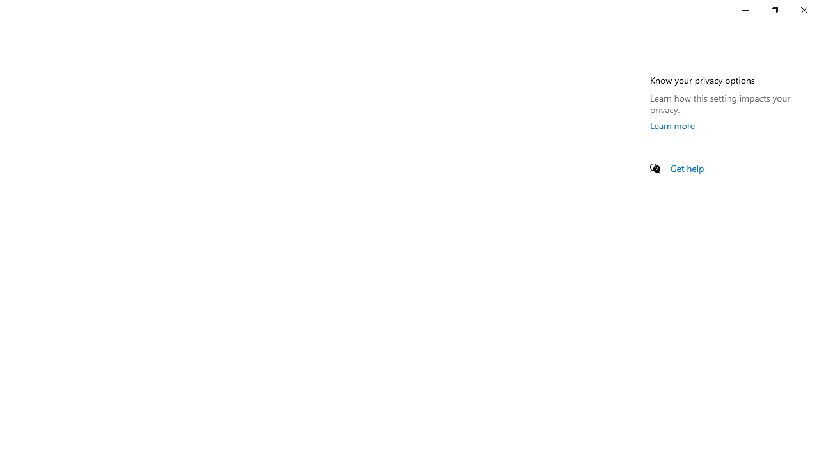 The height and width of the screenshot is (460, 819). Describe the element at coordinates (687, 167) in the screenshot. I see `'Get help'` at that location.